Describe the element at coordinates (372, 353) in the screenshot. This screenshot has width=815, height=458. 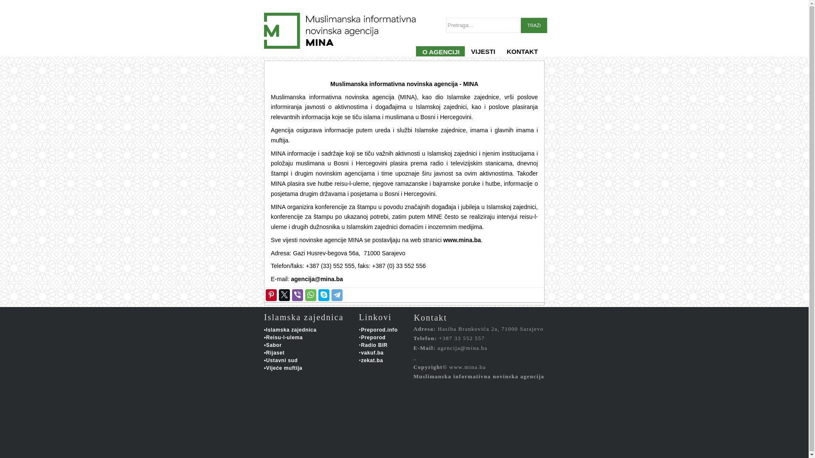
I see `'vakuf.ba'` at that location.